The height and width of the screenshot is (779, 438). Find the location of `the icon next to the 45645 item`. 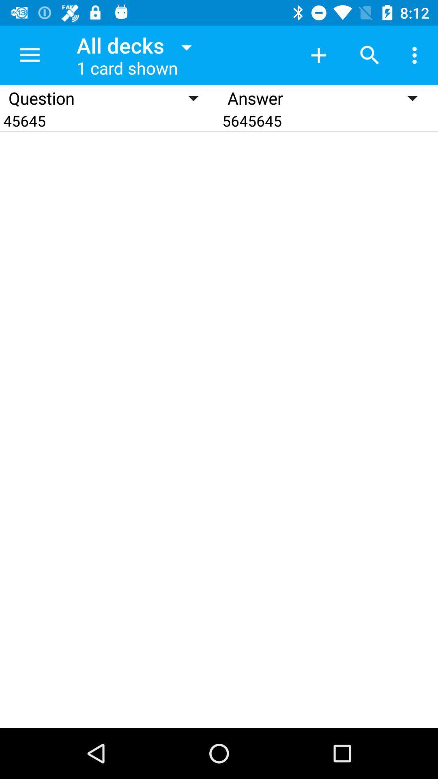

the icon next to the 45645 item is located at coordinates (328, 120).